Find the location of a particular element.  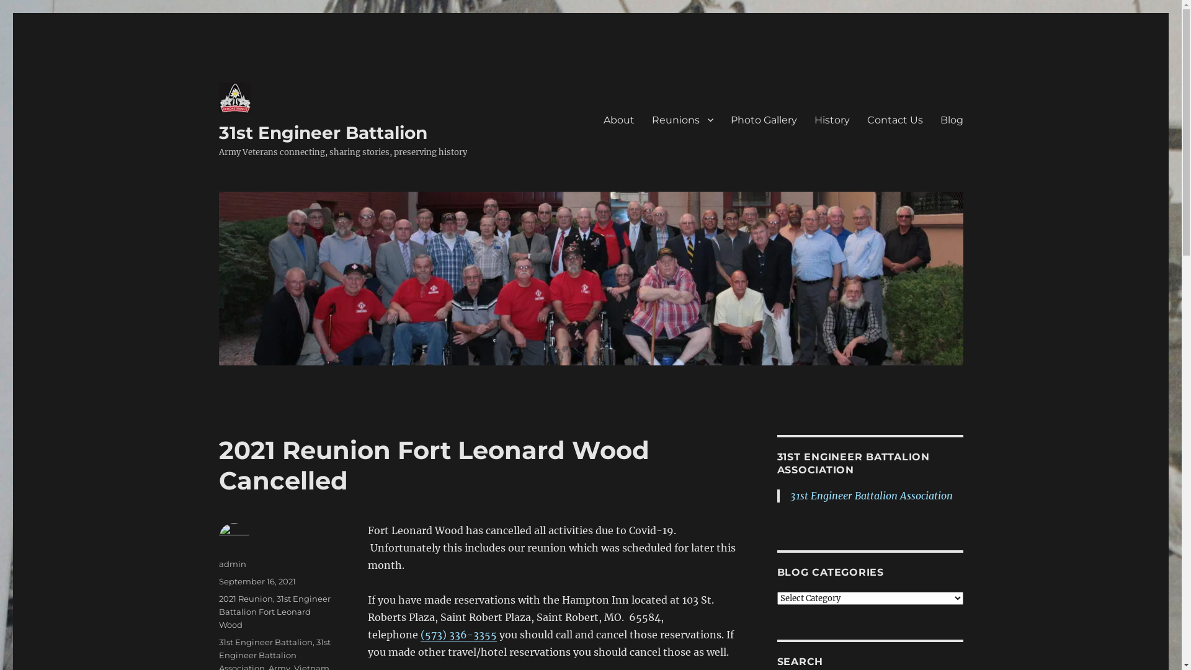

'31st Engineer Battalion Association' is located at coordinates (789, 494).